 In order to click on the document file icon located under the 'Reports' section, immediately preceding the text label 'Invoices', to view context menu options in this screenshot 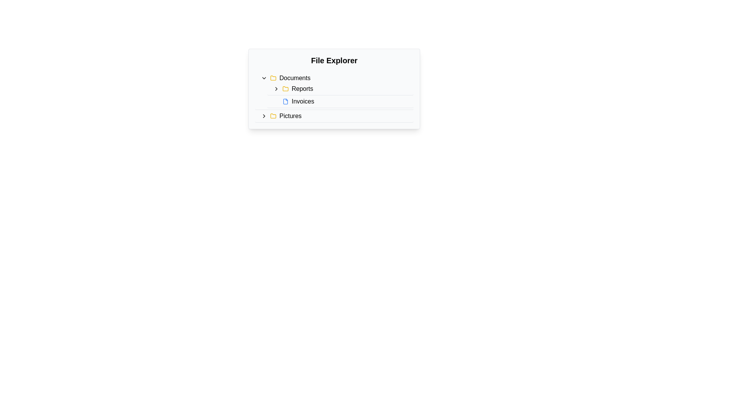, I will do `click(285, 101)`.